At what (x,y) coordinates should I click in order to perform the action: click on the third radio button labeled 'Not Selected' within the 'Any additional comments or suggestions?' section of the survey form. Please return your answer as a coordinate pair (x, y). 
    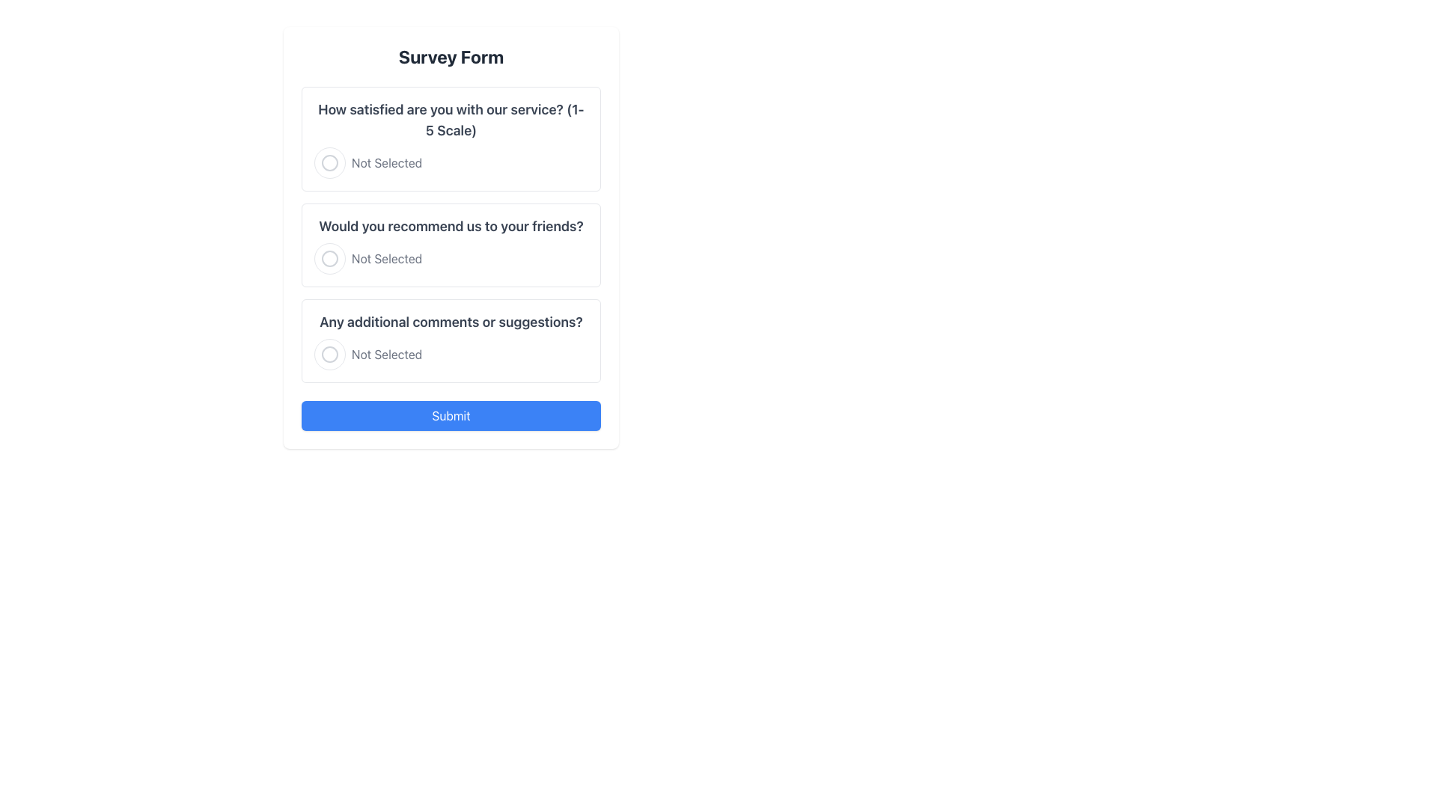
    Looking at the image, I should click on (451, 355).